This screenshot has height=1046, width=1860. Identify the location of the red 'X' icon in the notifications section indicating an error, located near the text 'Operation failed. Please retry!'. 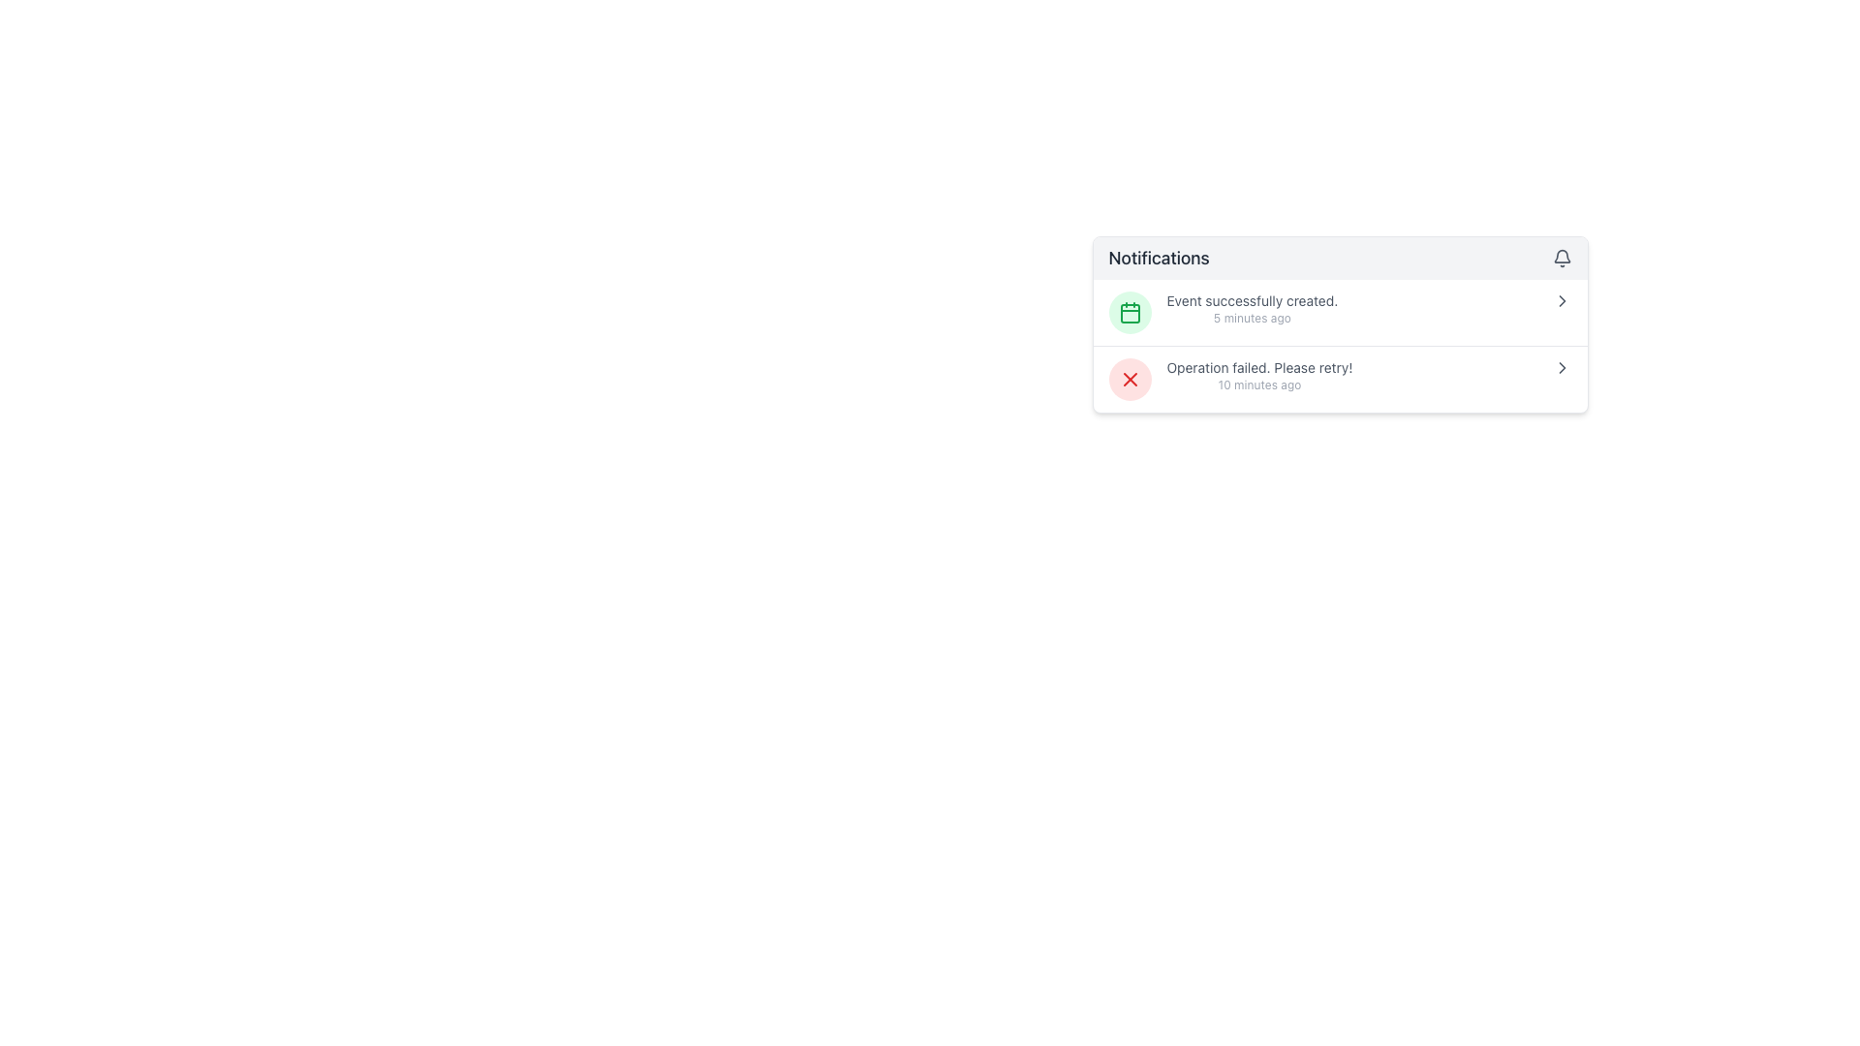
(1130, 380).